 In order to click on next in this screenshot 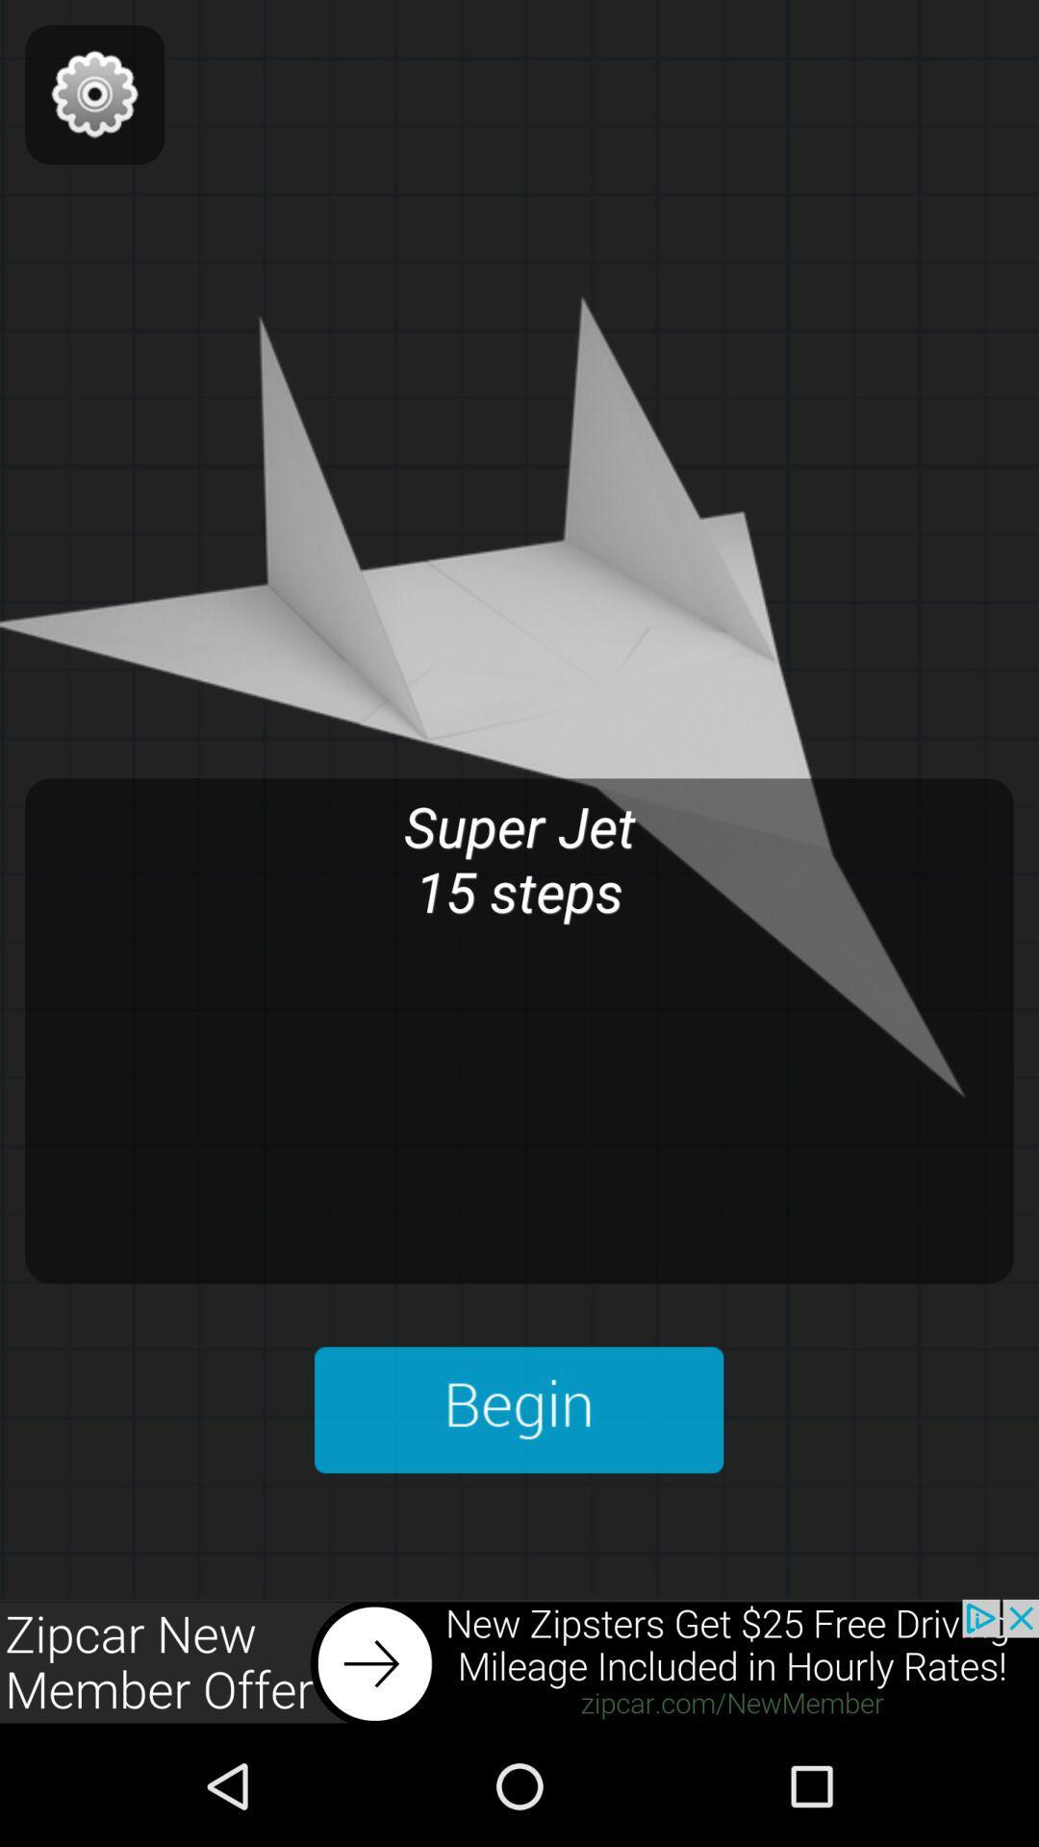, I will do `click(519, 1661)`.